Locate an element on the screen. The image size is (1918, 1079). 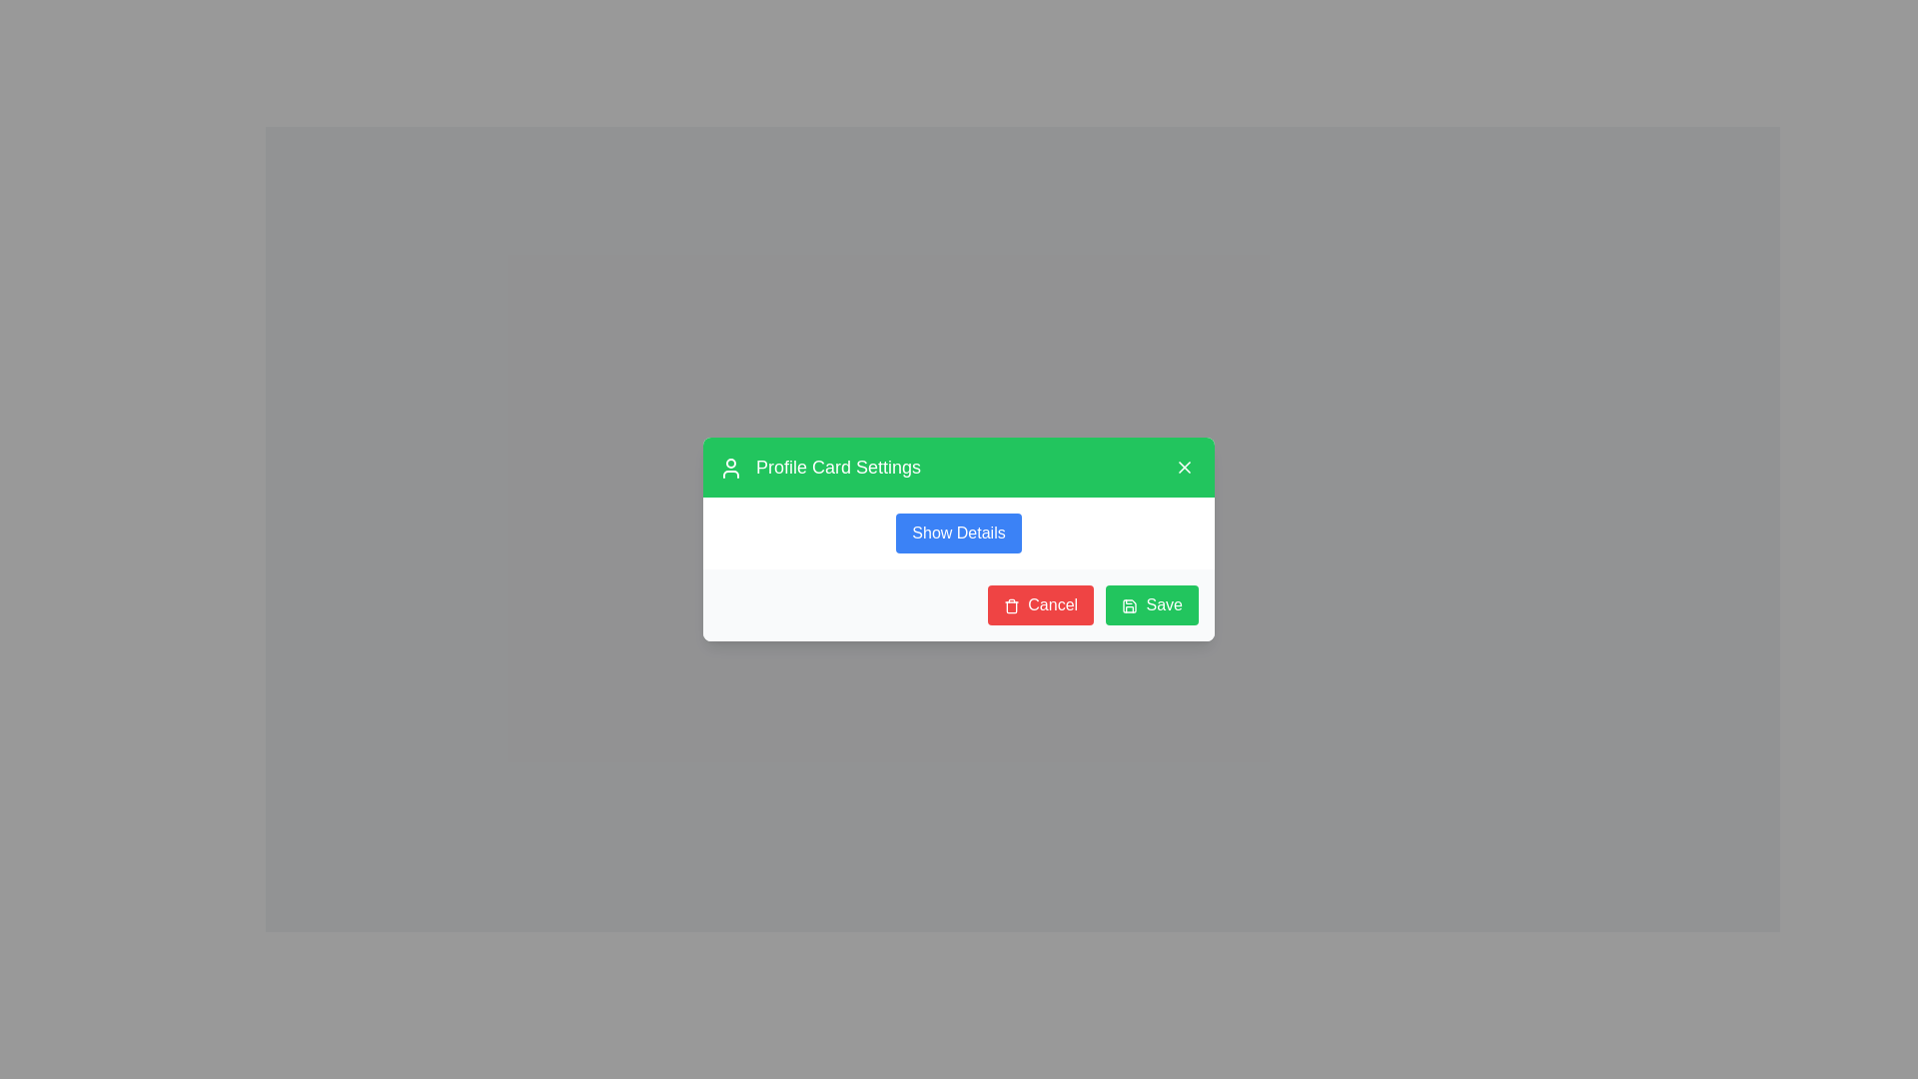
the close icon in the top-right corner of the 'Profile Card Settings' dialog is located at coordinates (1184, 467).